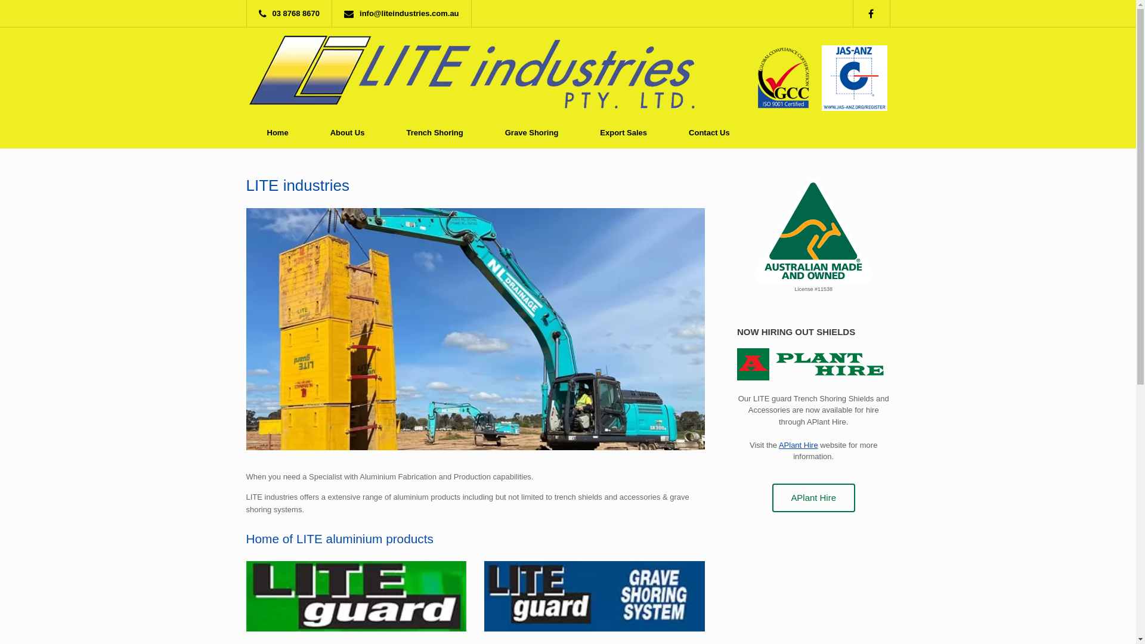 This screenshot has height=644, width=1145. What do you see at coordinates (876, 13) in the screenshot?
I see `'Facebook'` at bounding box center [876, 13].